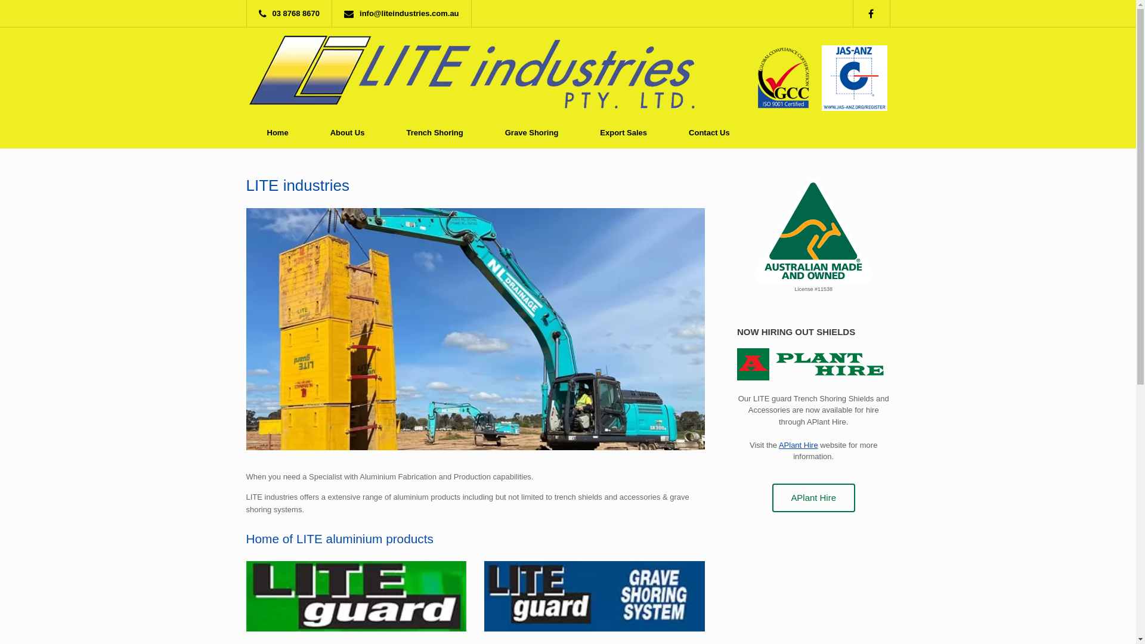 This screenshot has height=644, width=1145. What do you see at coordinates (876, 13) in the screenshot?
I see `'Facebook'` at bounding box center [876, 13].